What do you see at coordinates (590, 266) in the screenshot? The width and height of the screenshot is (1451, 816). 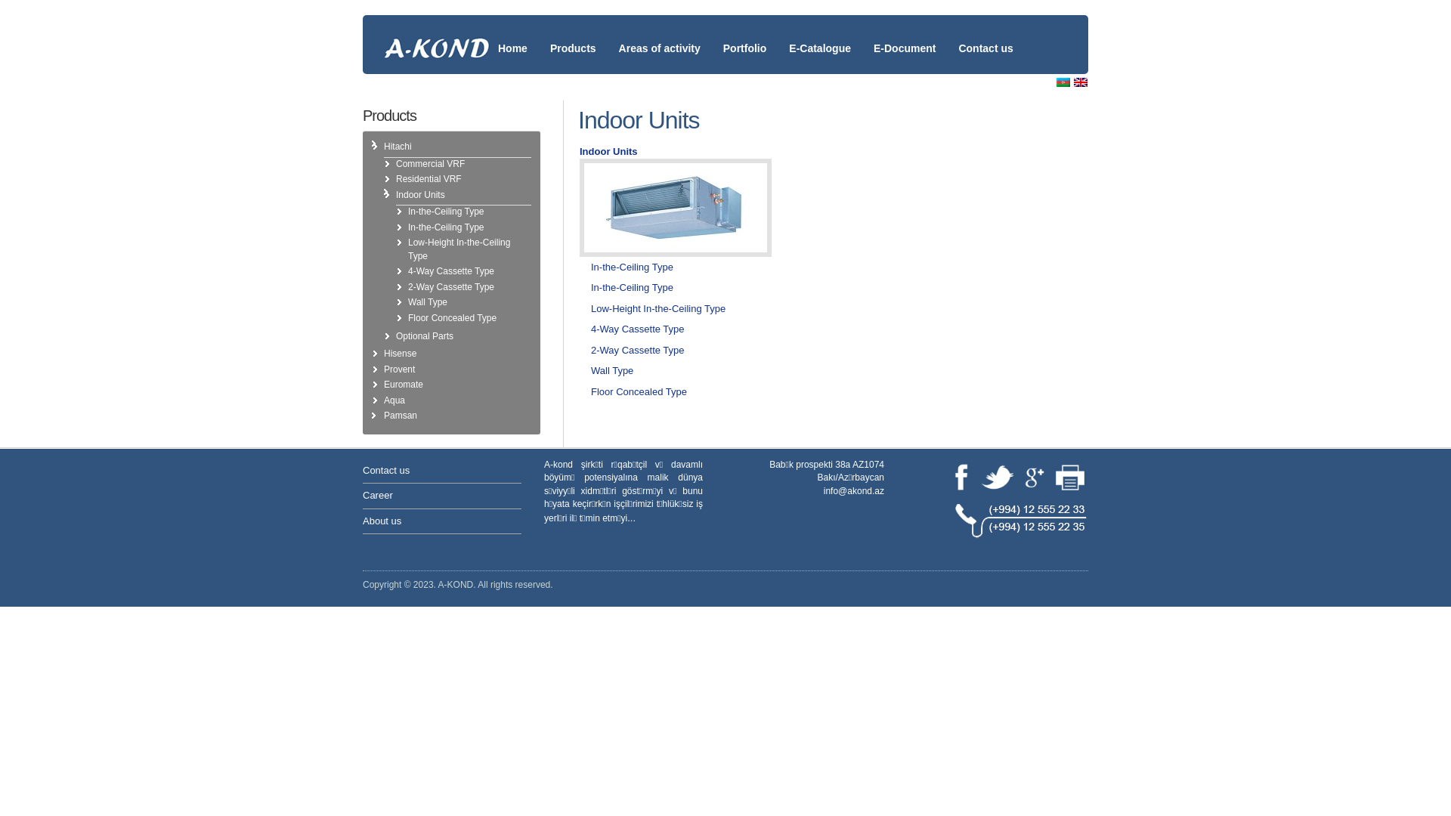 I see `'In-the-Ceiling Type'` at bounding box center [590, 266].